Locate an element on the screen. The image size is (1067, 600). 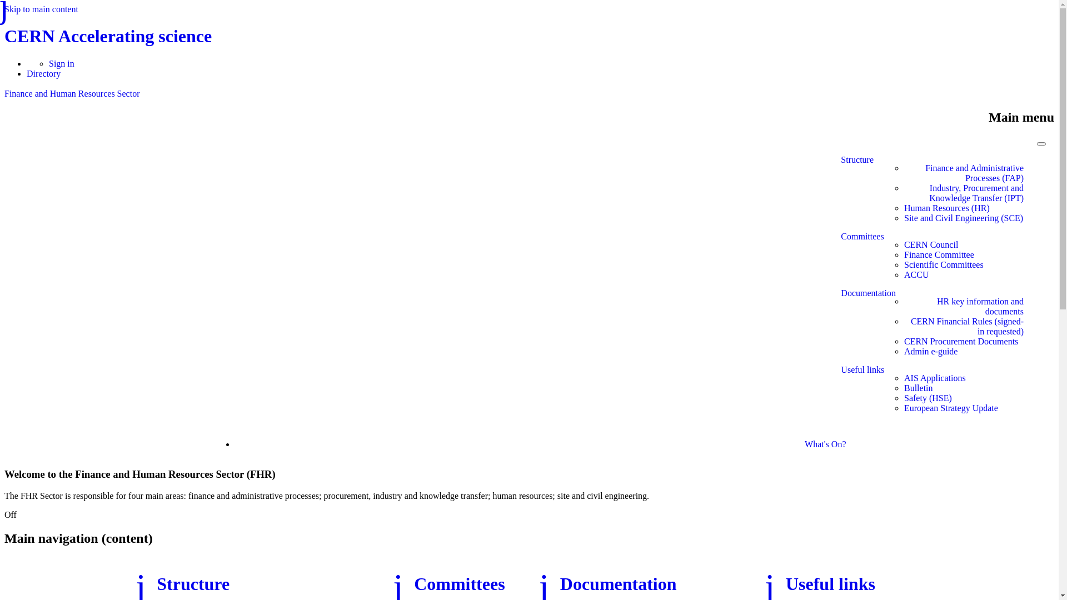
'Finance and Human Resources Sector' is located at coordinates (4, 93).